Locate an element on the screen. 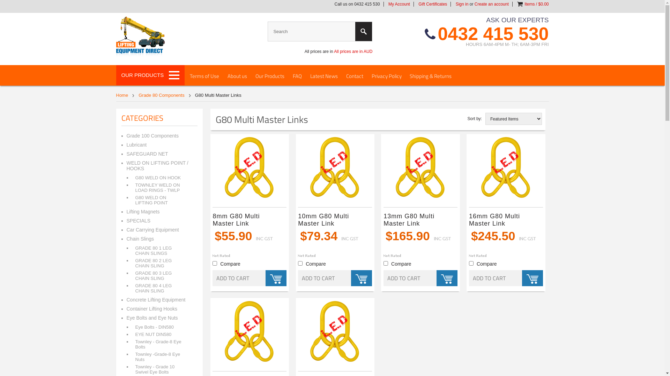 The image size is (670, 376). 'EYE NUT DIN580' is located at coordinates (135, 334).